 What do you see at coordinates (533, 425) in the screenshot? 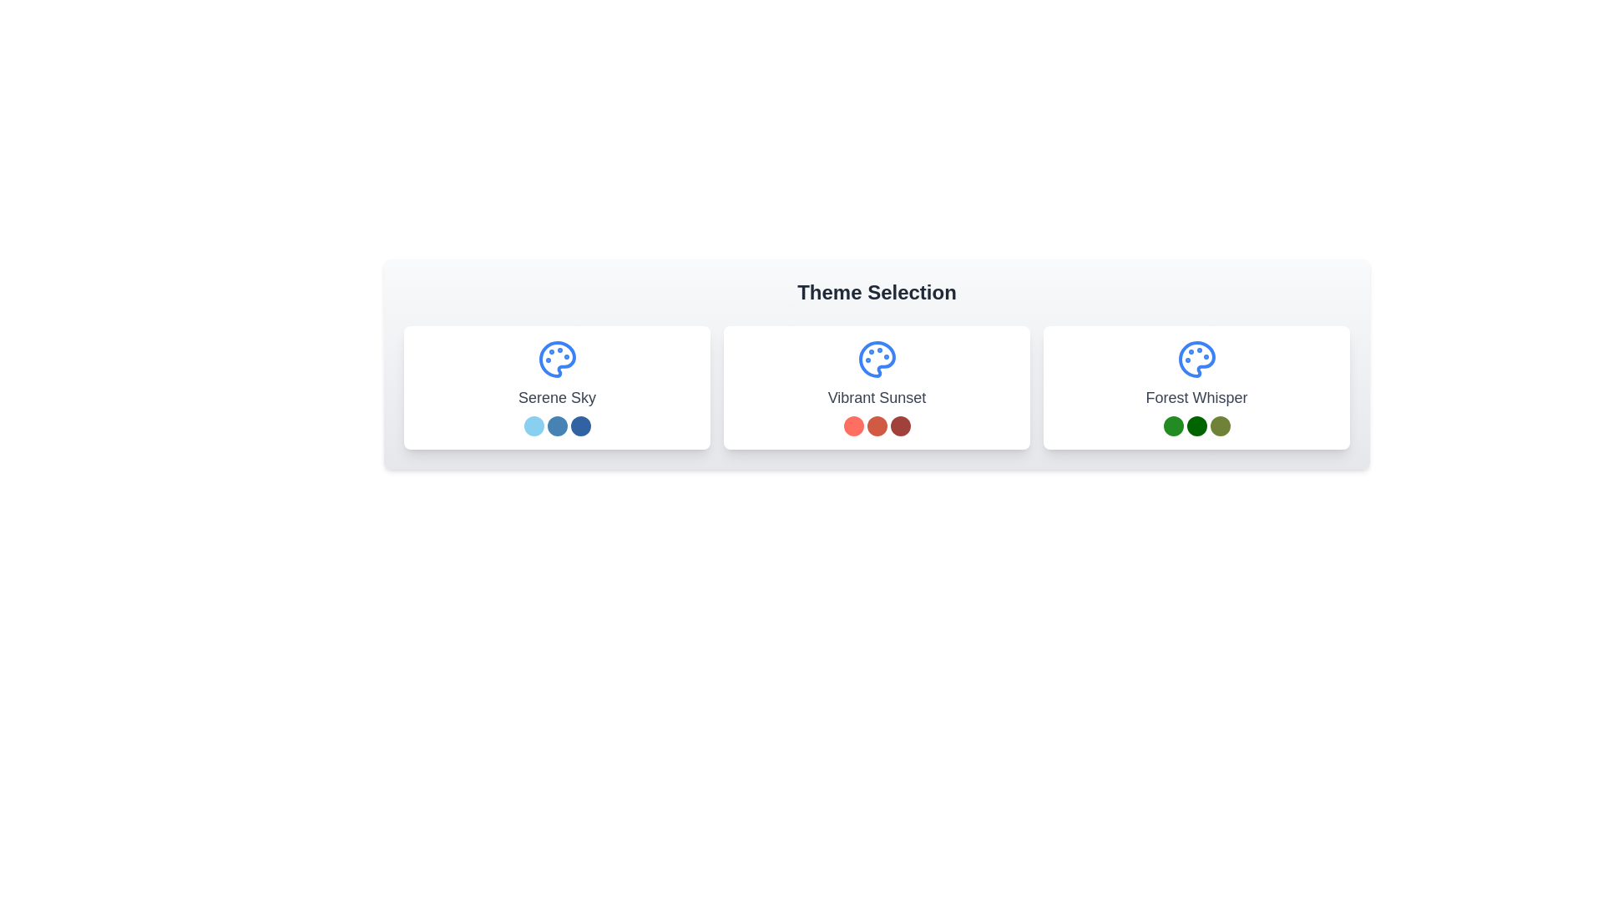
I see `the small, circular decorative element with a light blue background, which is the first in a group of three, located below the text 'Serene Sky' in the leftmost card` at bounding box center [533, 425].